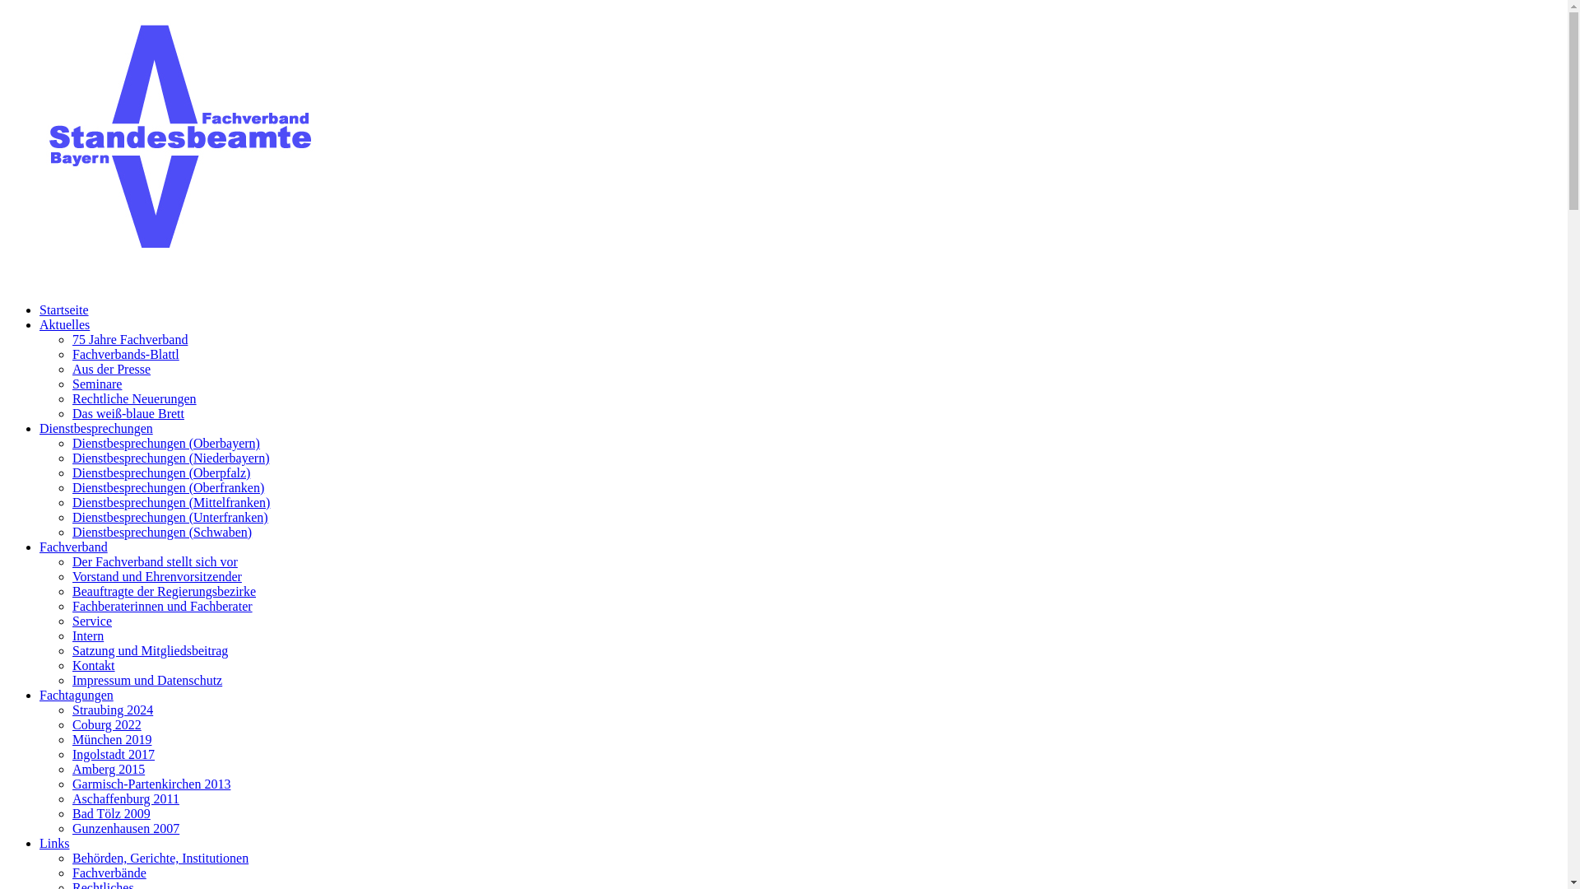 This screenshot has width=1580, height=889. What do you see at coordinates (164, 590) in the screenshot?
I see `'Beauftragte der Regierungsbezirke'` at bounding box center [164, 590].